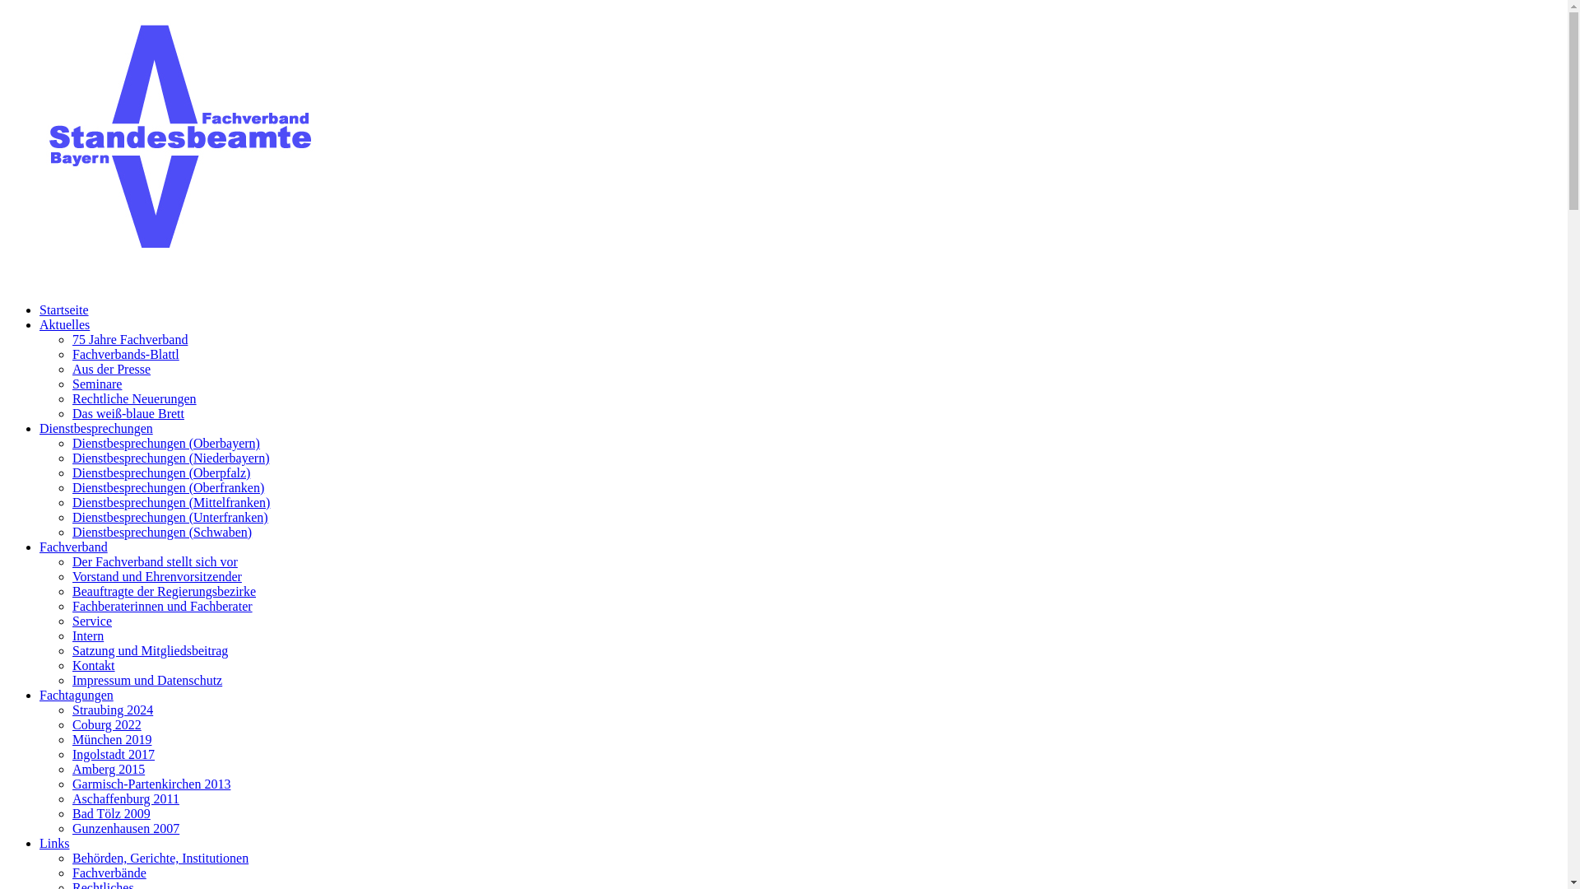 This screenshot has width=1580, height=889. What do you see at coordinates (164, 590) in the screenshot?
I see `'Beauftragte der Regierungsbezirke'` at bounding box center [164, 590].